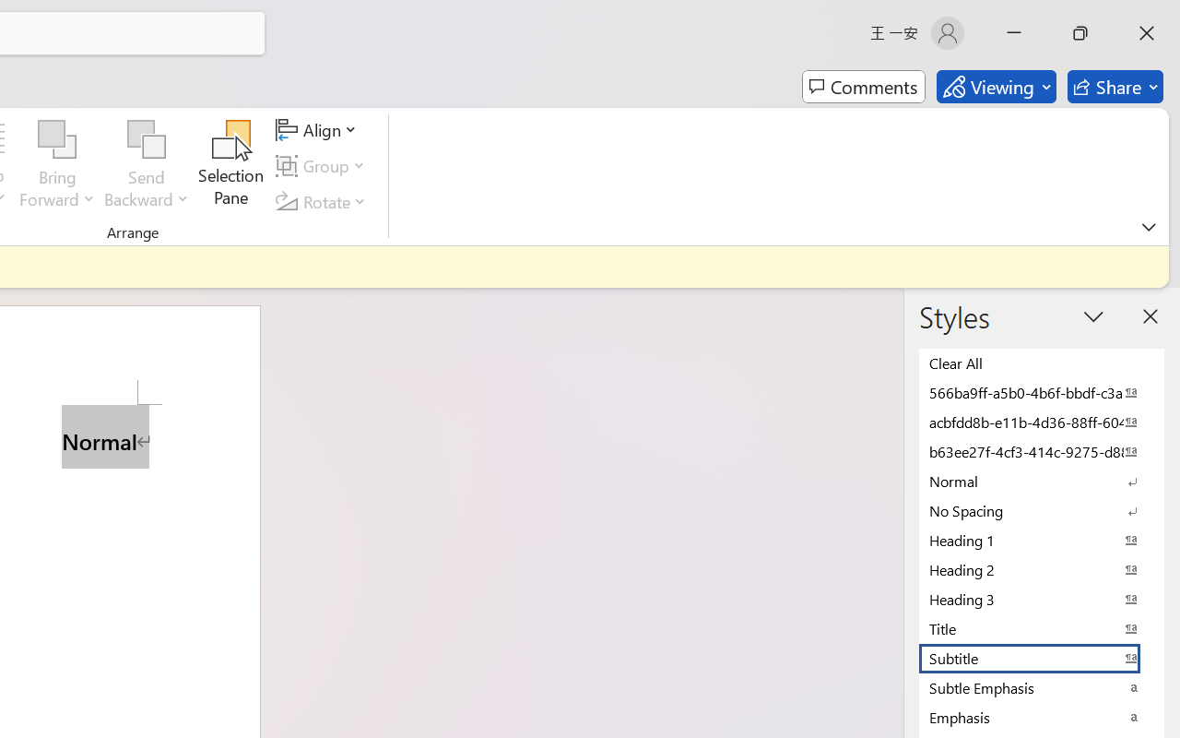 The height and width of the screenshot is (738, 1180). Describe the element at coordinates (324, 201) in the screenshot. I see `'Rotate'` at that location.